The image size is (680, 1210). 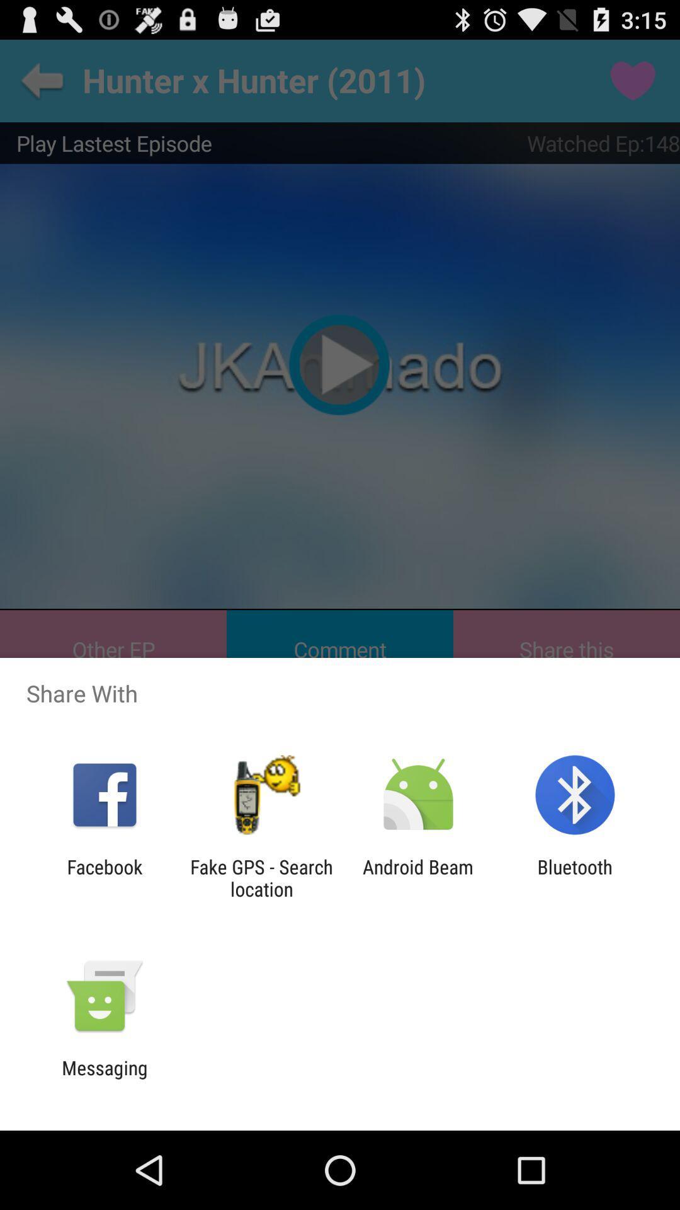 What do you see at coordinates (575, 877) in the screenshot?
I see `the bluetooth` at bounding box center [575, 877].